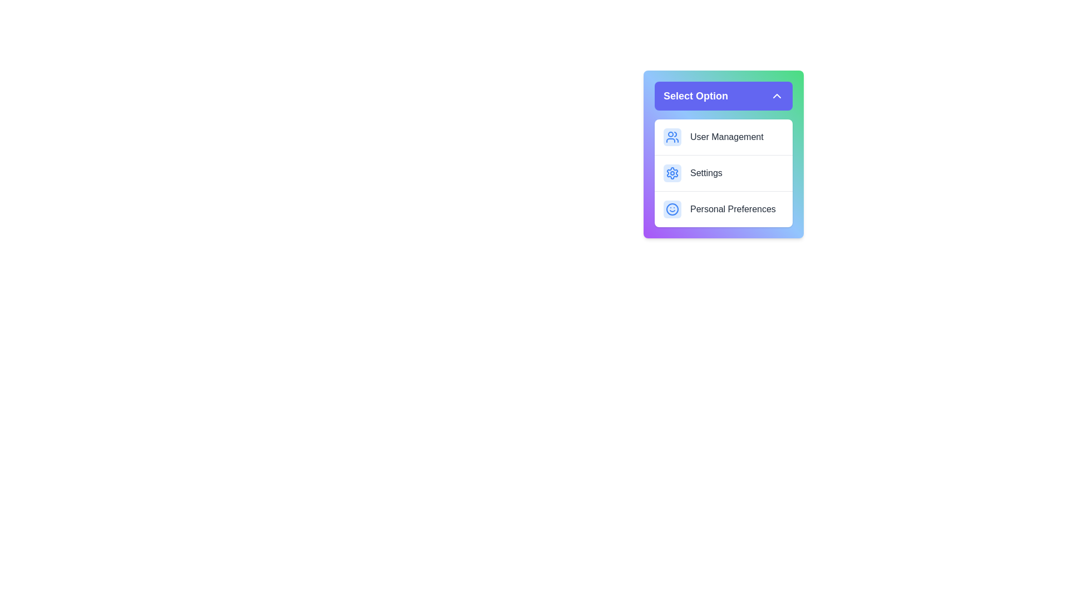 The height and width of the screenshot is (600, 1068). Describe the element at coordinates (723, 96) in the screenshot. I see `the dropdown menu trigger button located at the top of the menu, which expands or collapses options like 'User Management', 'Settings', and 'Personal Preferences'` at that location.